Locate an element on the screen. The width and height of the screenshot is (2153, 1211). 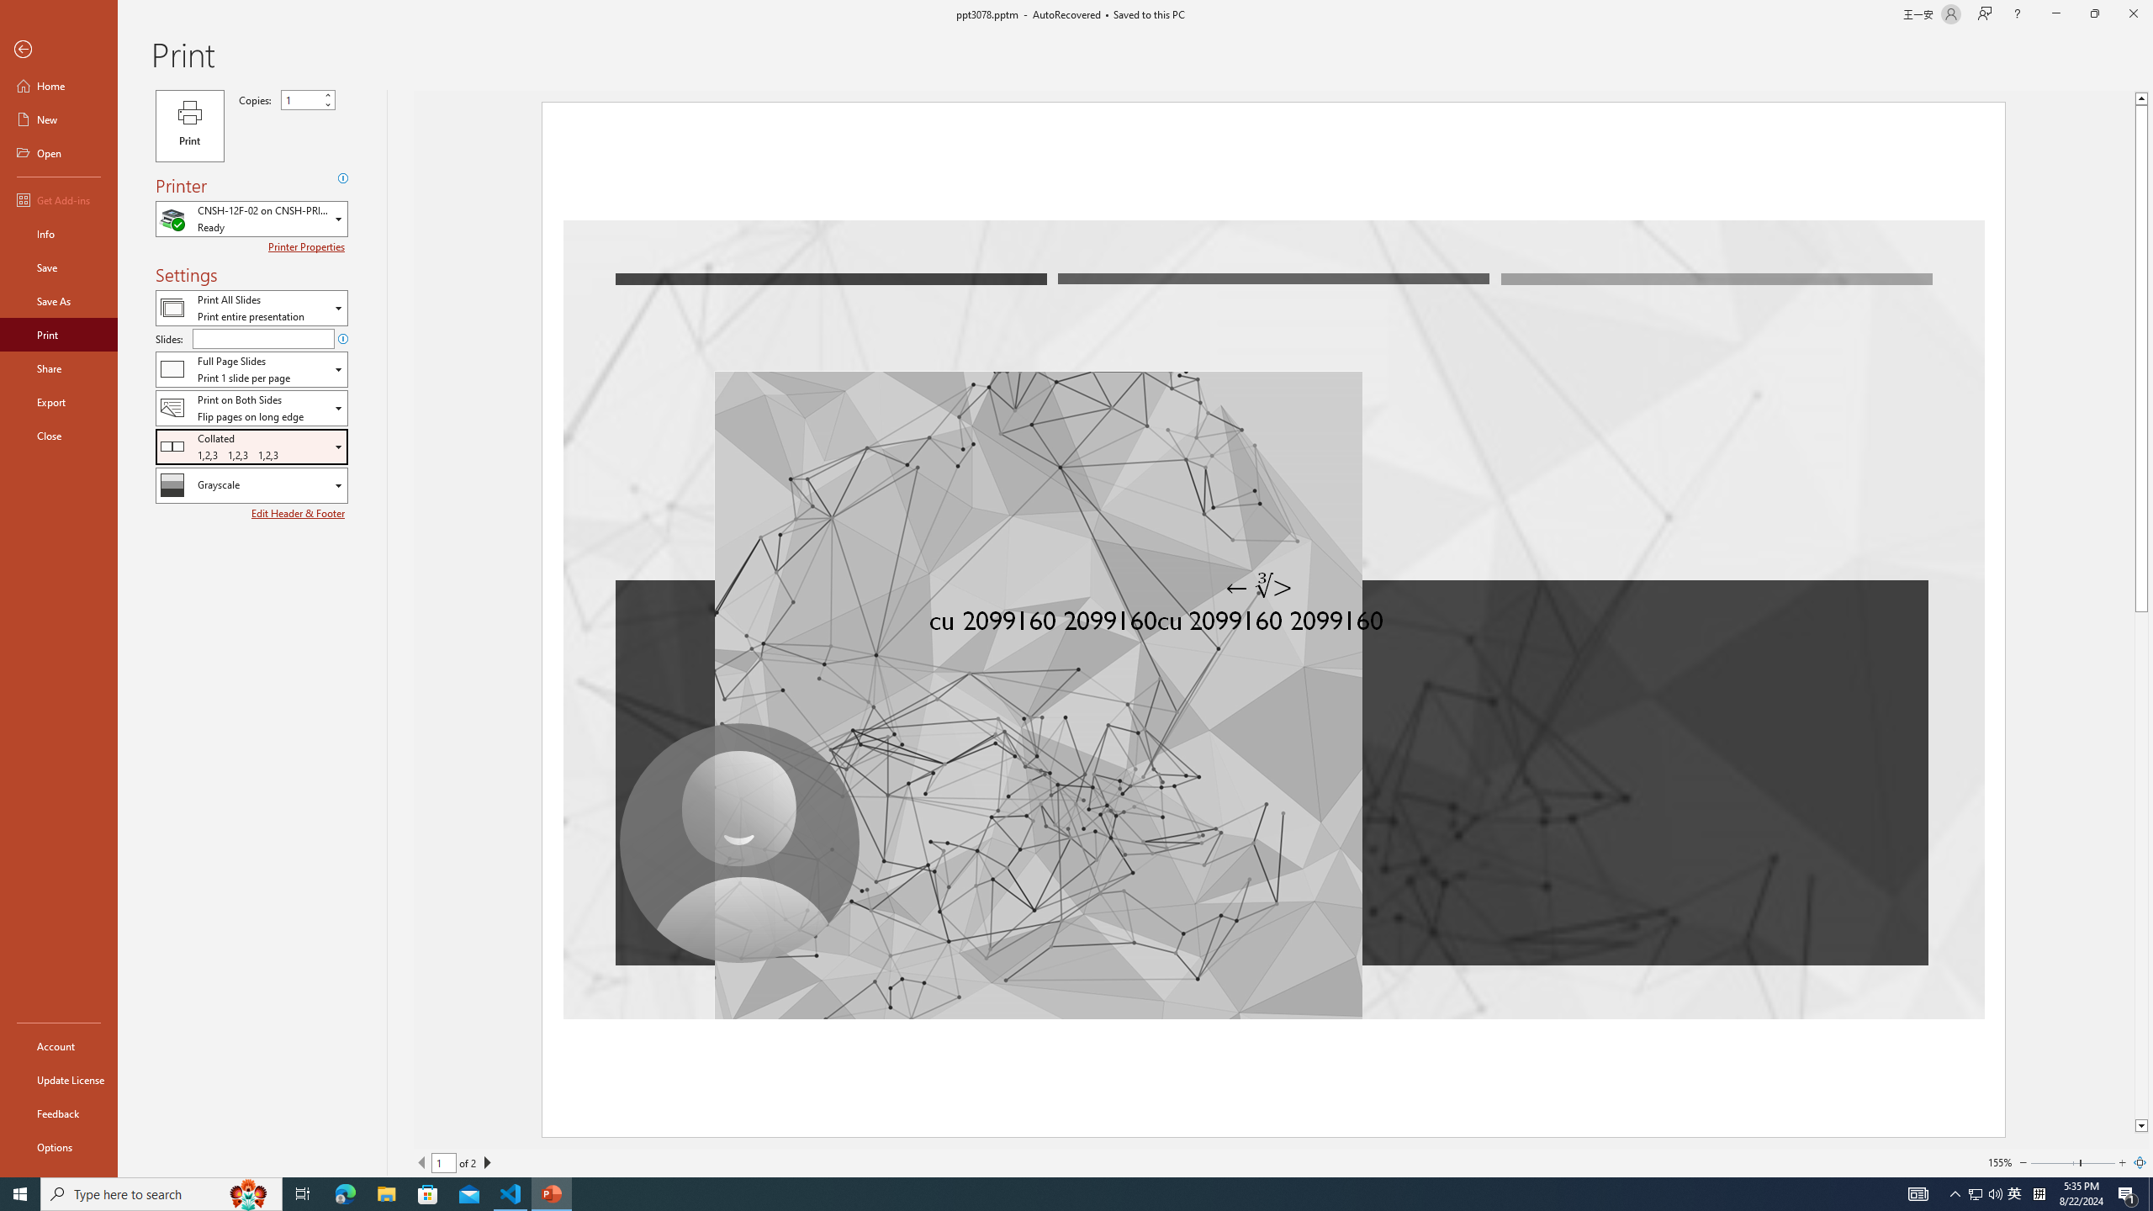
'Edit Header & Footer' is located at coordinates (299, 512).